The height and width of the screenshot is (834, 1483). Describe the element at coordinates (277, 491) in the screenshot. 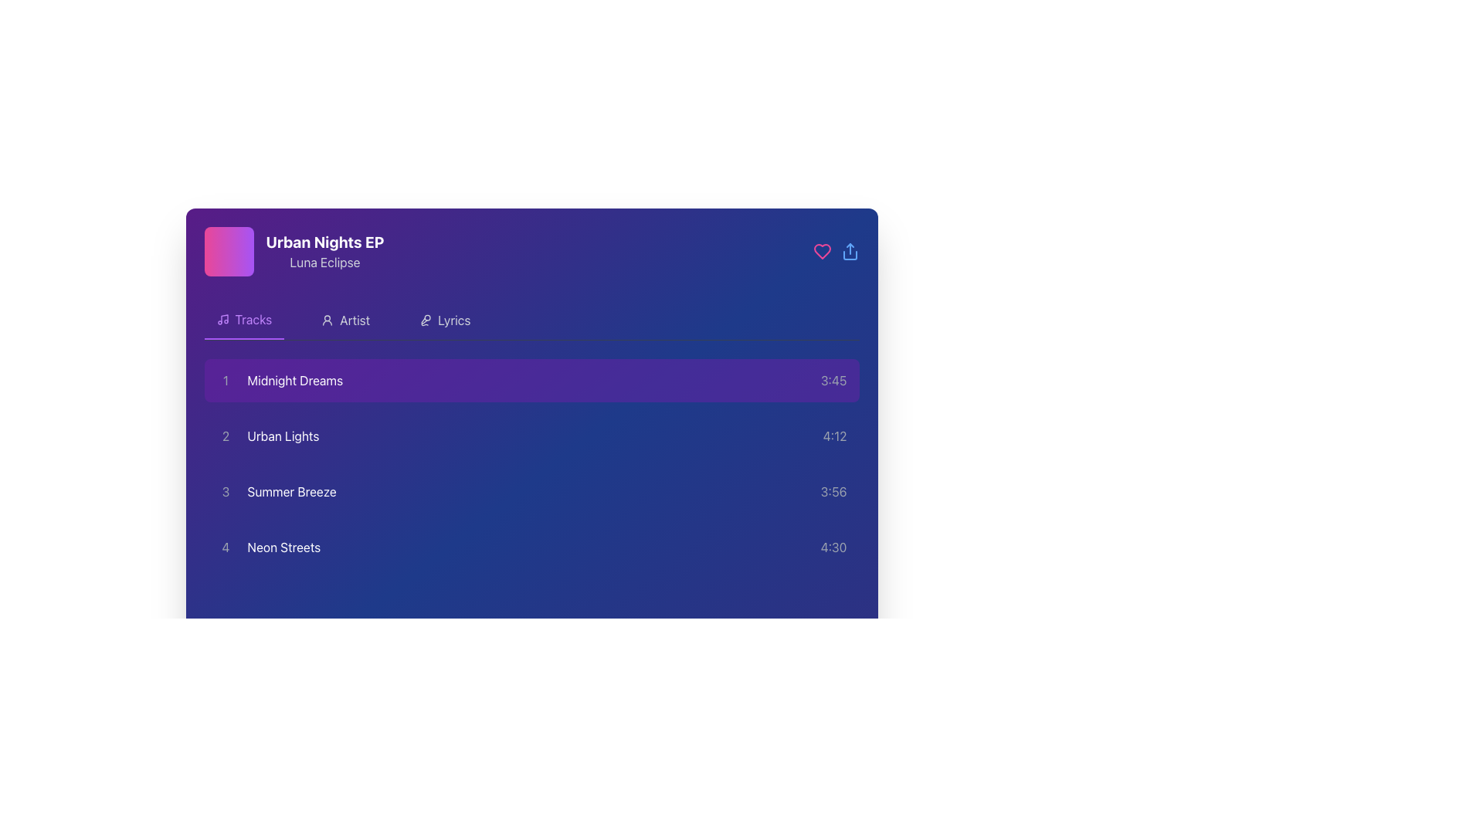

I see `the list item displaying the text '3 Summer Breeze'` at that location.